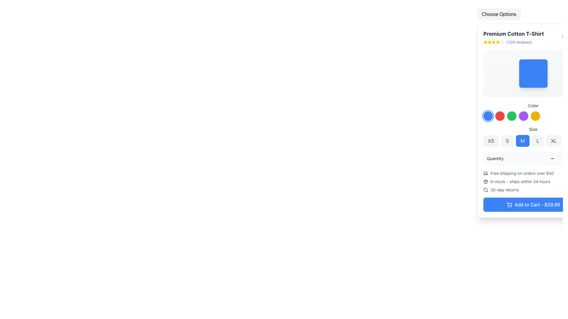 The height and width of the screenshot is (319, 568). I want to click on text of the 'Add to Cart' button, which includes the price information and is located at the bottom-right of the interface, so click(537, 204).